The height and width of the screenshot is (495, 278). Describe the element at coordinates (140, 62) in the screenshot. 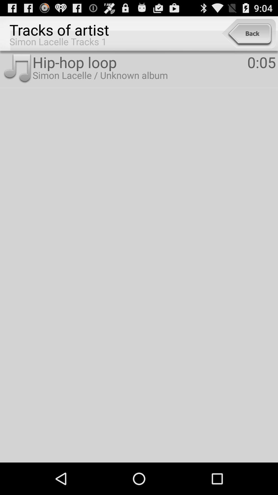

I see `hip-hop loop` at that location.